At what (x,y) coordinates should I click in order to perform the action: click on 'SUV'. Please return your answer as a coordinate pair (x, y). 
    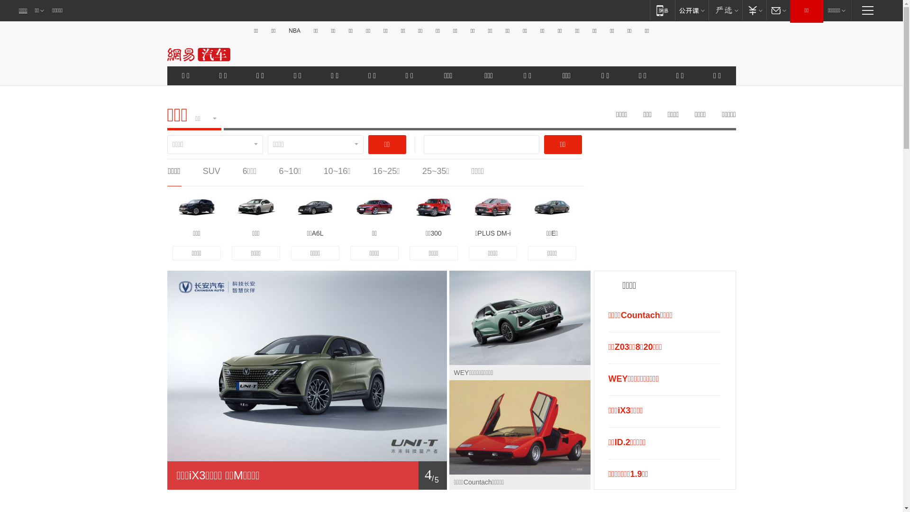
    Looking at the image, I should click on (211, 171).